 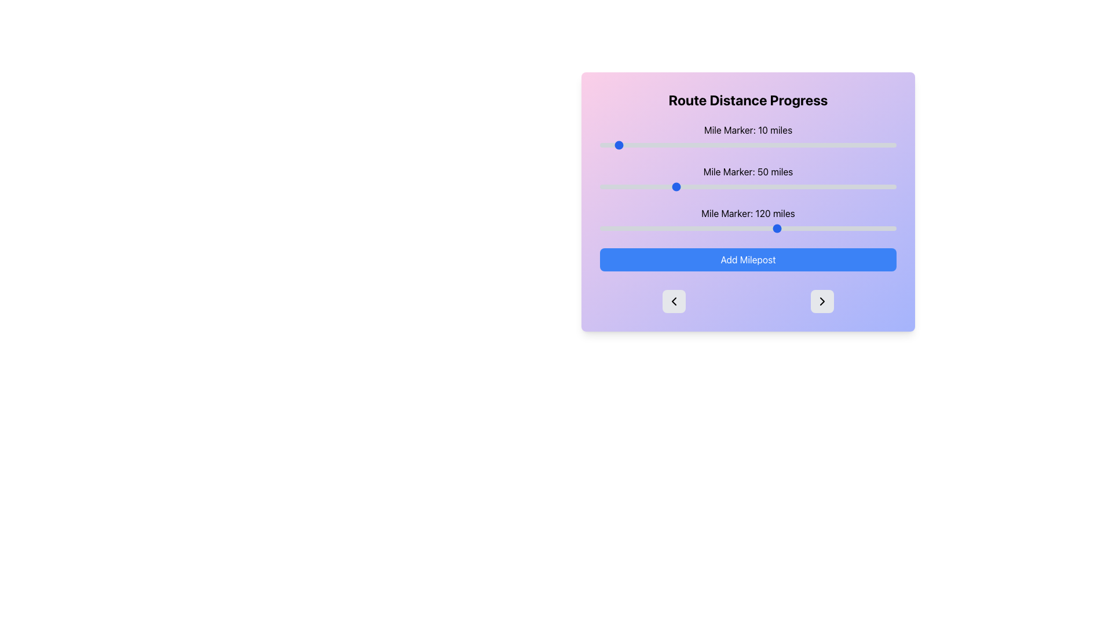 I want to click on to adjust the value of the first slider input in the vertical stack that allows selection within the range of 0, so click(x=748, y=136).